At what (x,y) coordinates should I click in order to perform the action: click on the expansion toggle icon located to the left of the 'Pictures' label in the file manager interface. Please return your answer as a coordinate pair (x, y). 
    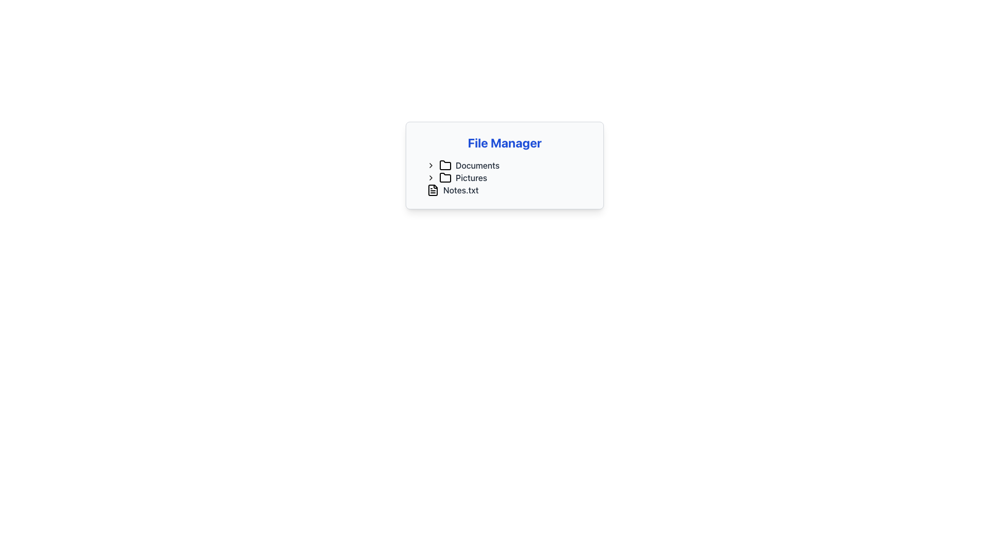
    Looking at the image, I should click on (431, 177).